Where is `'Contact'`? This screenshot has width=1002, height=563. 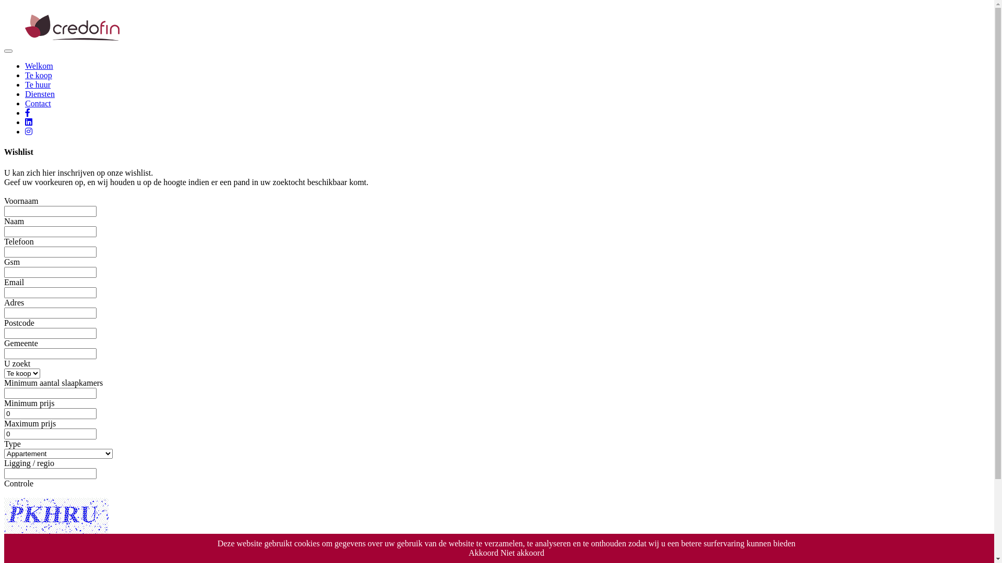 'Contact' is located at coordinates (38, 103).